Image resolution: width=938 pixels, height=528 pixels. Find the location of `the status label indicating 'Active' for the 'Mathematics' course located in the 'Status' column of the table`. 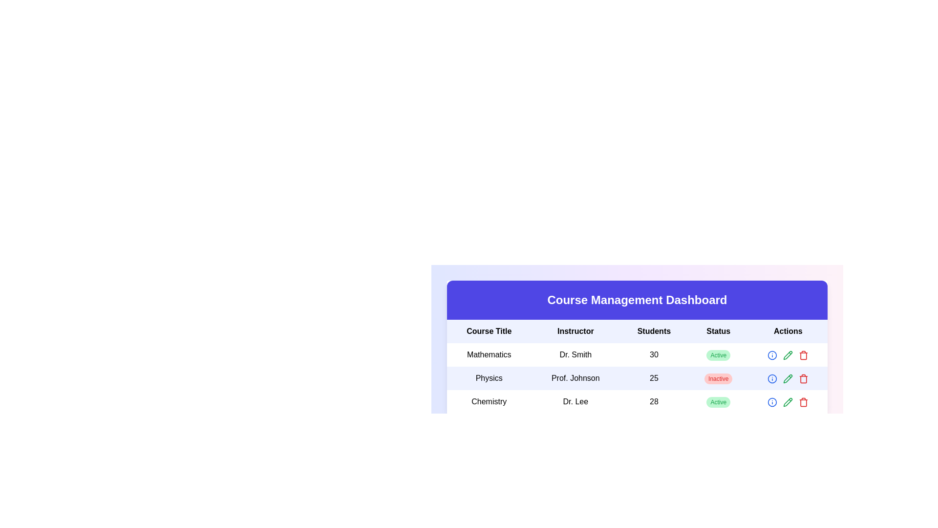

the status label indicating 'Active' for the 'Mathematics' course located in the 'Status' column of the table is located at coordinates (718, 354).